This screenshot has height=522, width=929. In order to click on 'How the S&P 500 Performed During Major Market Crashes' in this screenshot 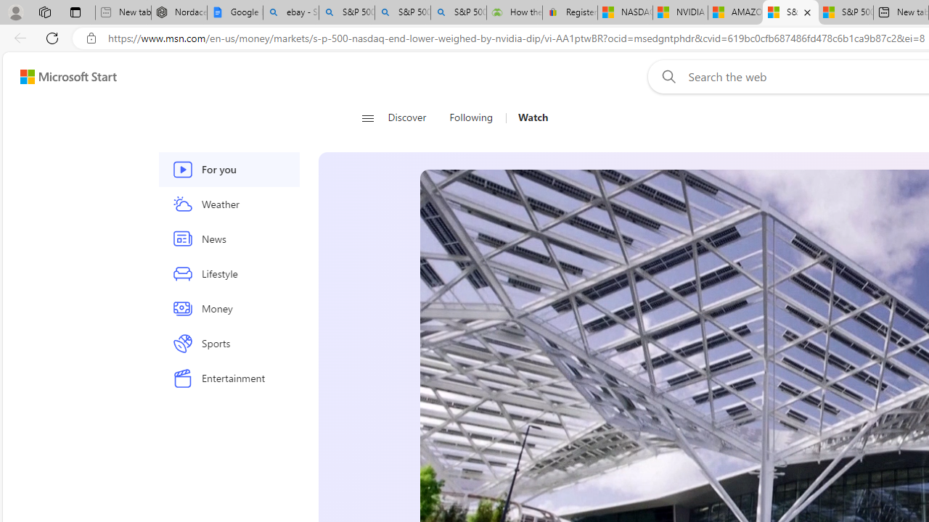, I will do `click(515, 12)`.